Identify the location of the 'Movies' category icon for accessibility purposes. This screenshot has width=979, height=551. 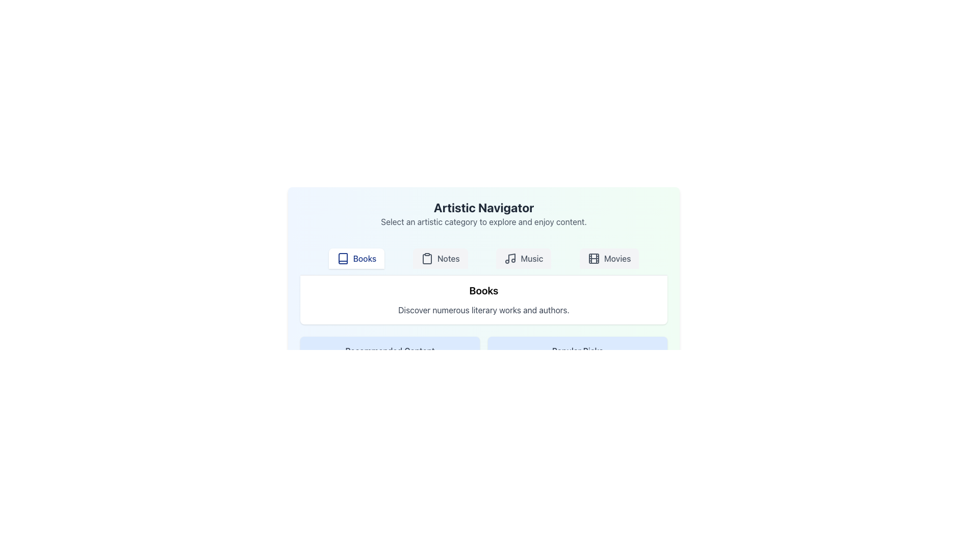
(594, 258).